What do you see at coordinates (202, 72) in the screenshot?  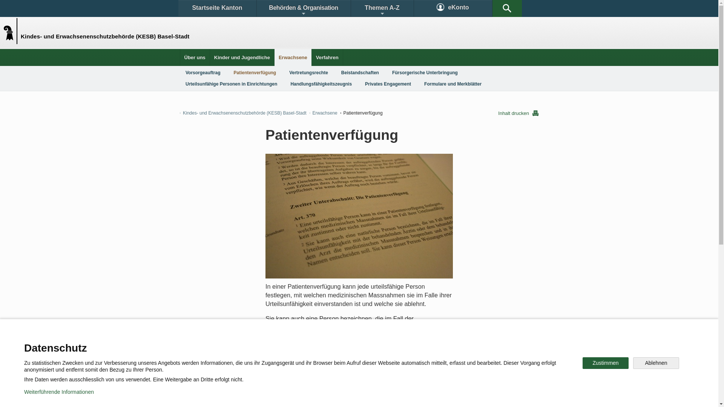 I see `'Vorsorgeauftrag'` at bounding box center [202, 72].